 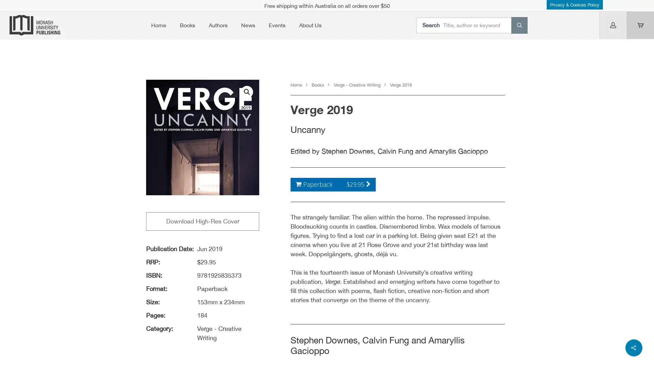 What do you see at coordinates (518, 25) in the screenshot?
I see `Submit search` at bounding box center [518, 25].